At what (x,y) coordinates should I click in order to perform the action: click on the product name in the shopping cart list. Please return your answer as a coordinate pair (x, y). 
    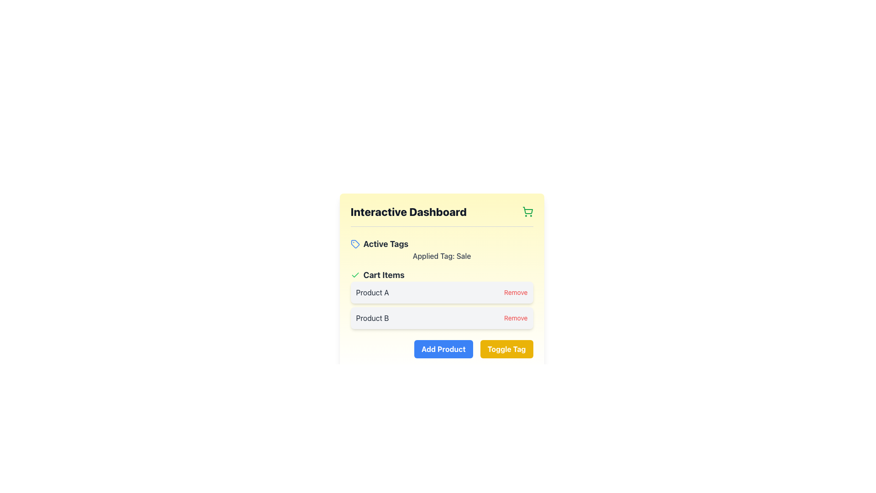
    Looking at the image, I should click on (442, 299).